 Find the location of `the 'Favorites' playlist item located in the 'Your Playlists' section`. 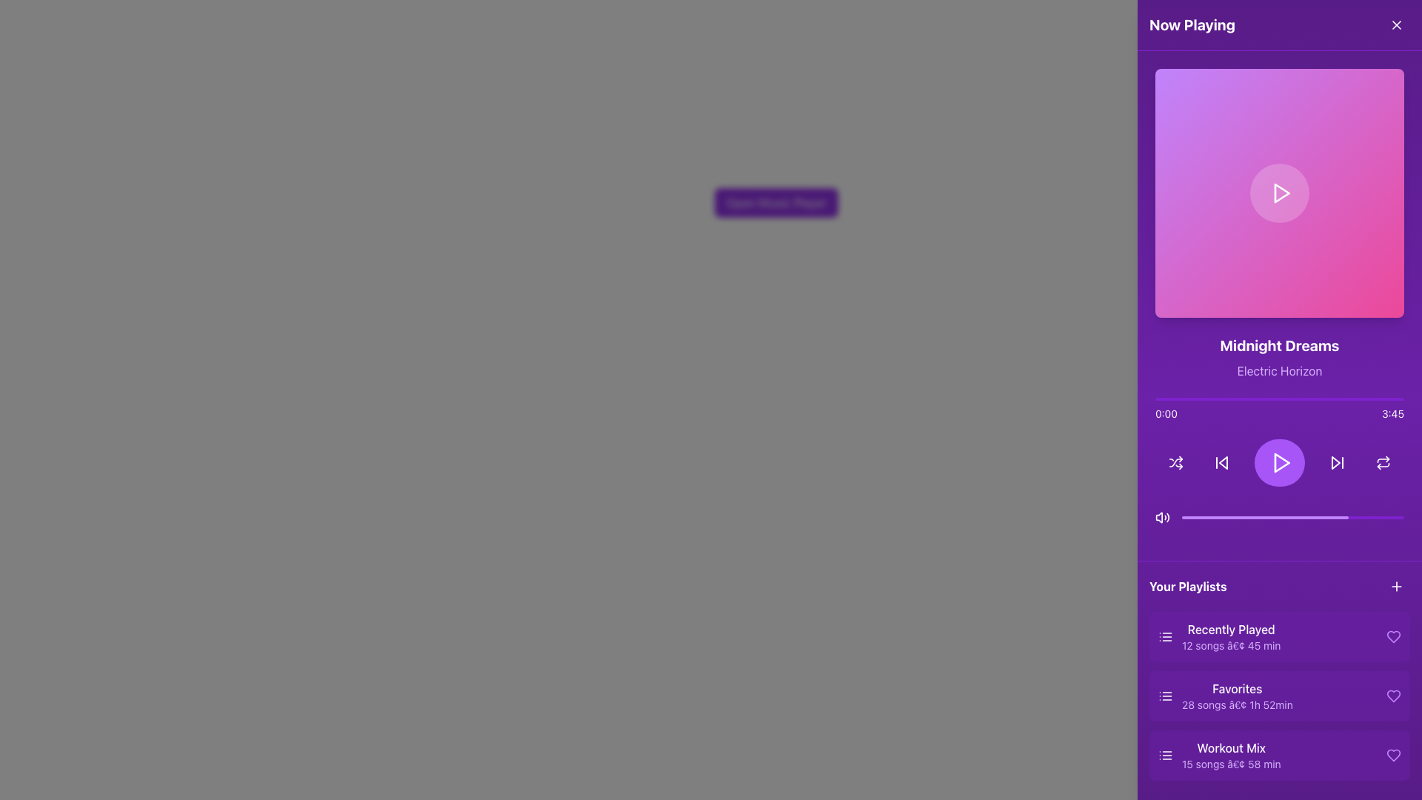

the 'Favorites' playlist item located in the 'Your Playlists' section is located at coordinates (1237, 696).